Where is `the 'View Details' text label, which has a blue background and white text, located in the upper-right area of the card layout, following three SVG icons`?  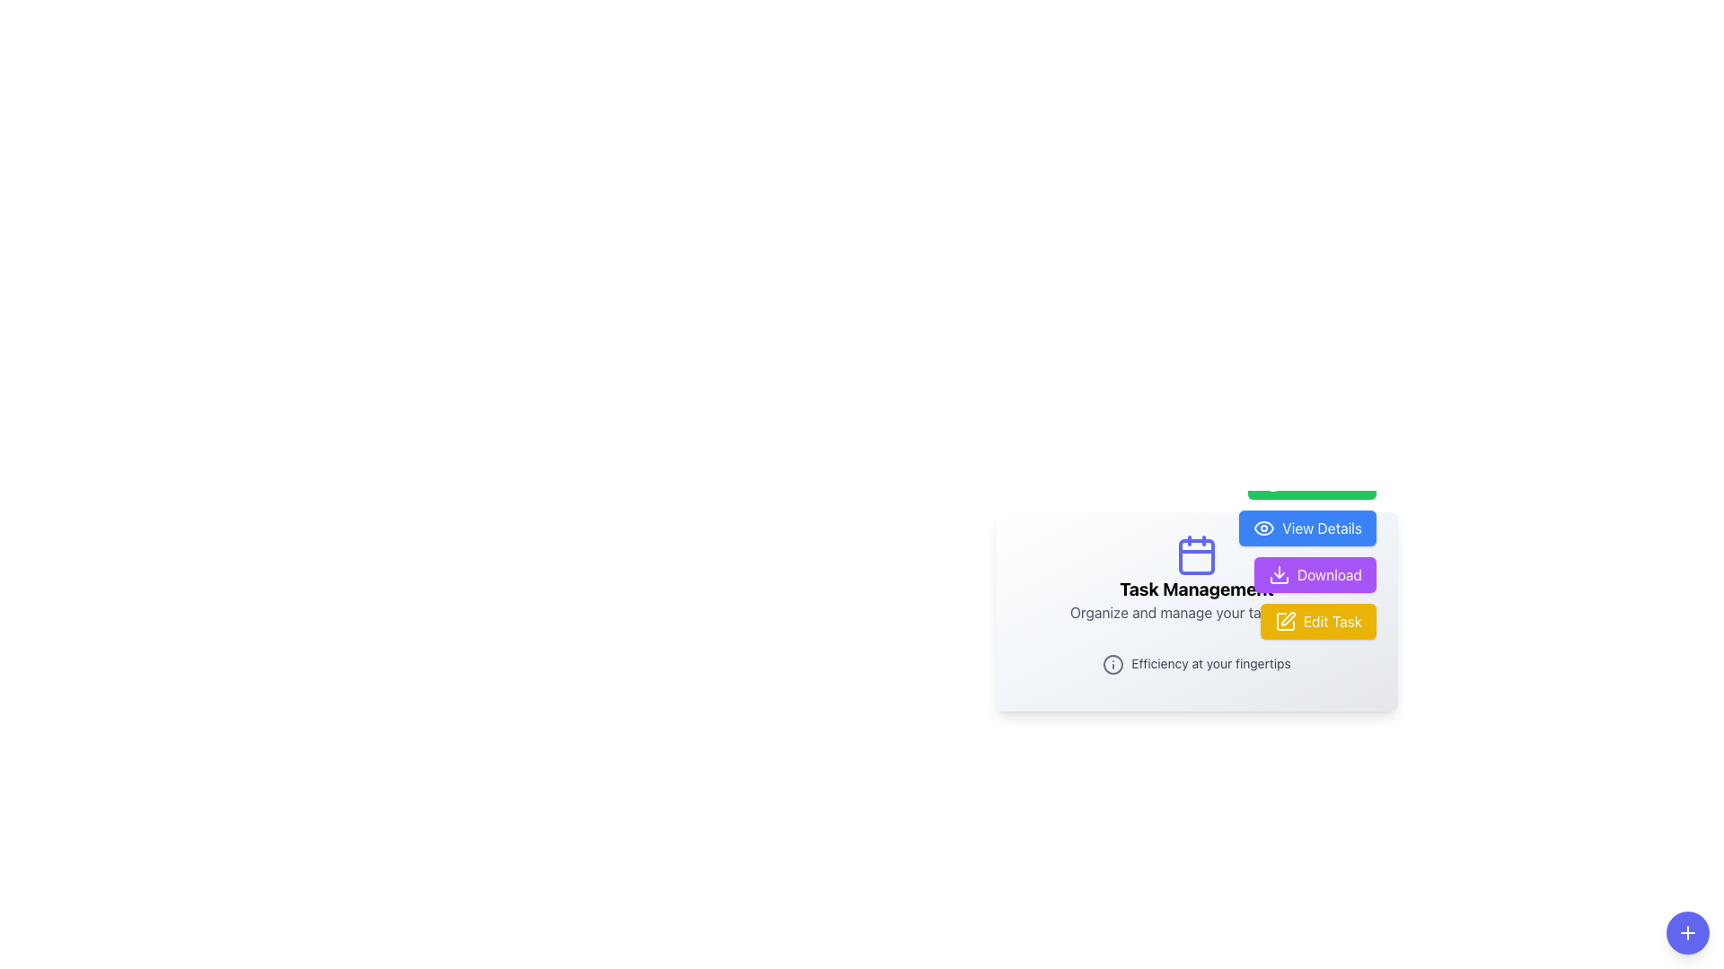 the 'View Details' text label, which has a blue background and white text, located in the upper-right area of the card layout, following three SVG icons is located at coordinates (1322, 527).